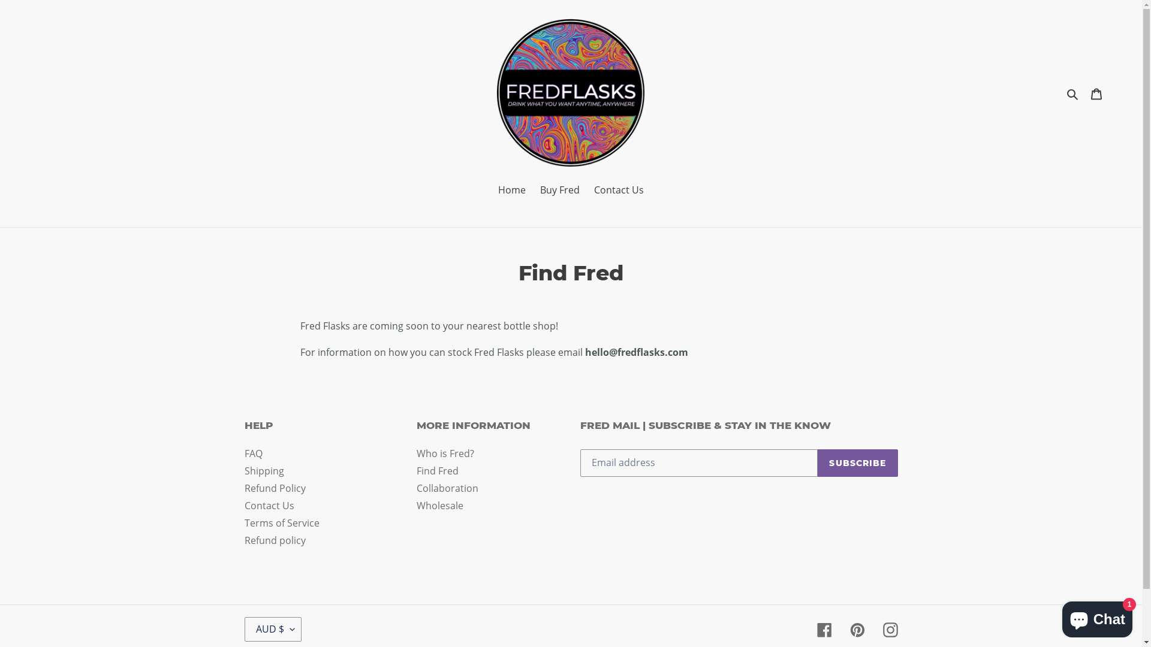  I want to click on 'Refund Policy', so click(275, 488).